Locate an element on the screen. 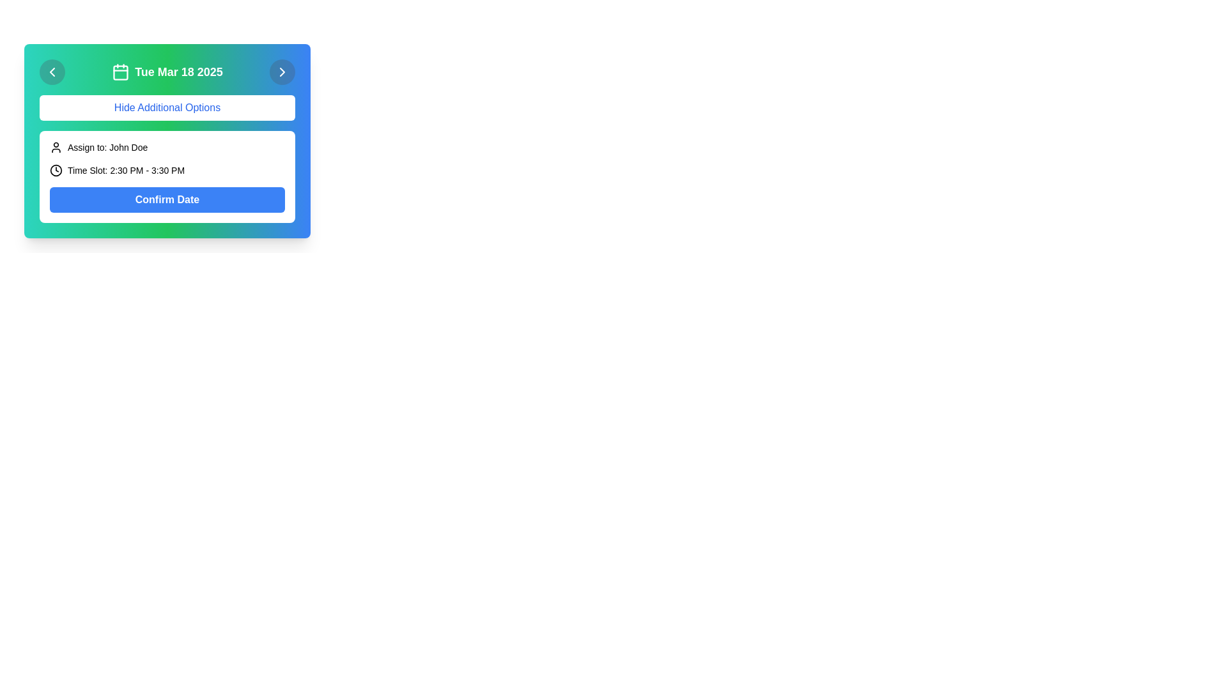 This screenshot has height=690, width=1227. the clock icon located at the leftmost part of the 'Time Slot: 2:30 PM - 3:30 PM' section, which visually indicates the time-related nature of the adjoining text is located at coordinates (55, 169).